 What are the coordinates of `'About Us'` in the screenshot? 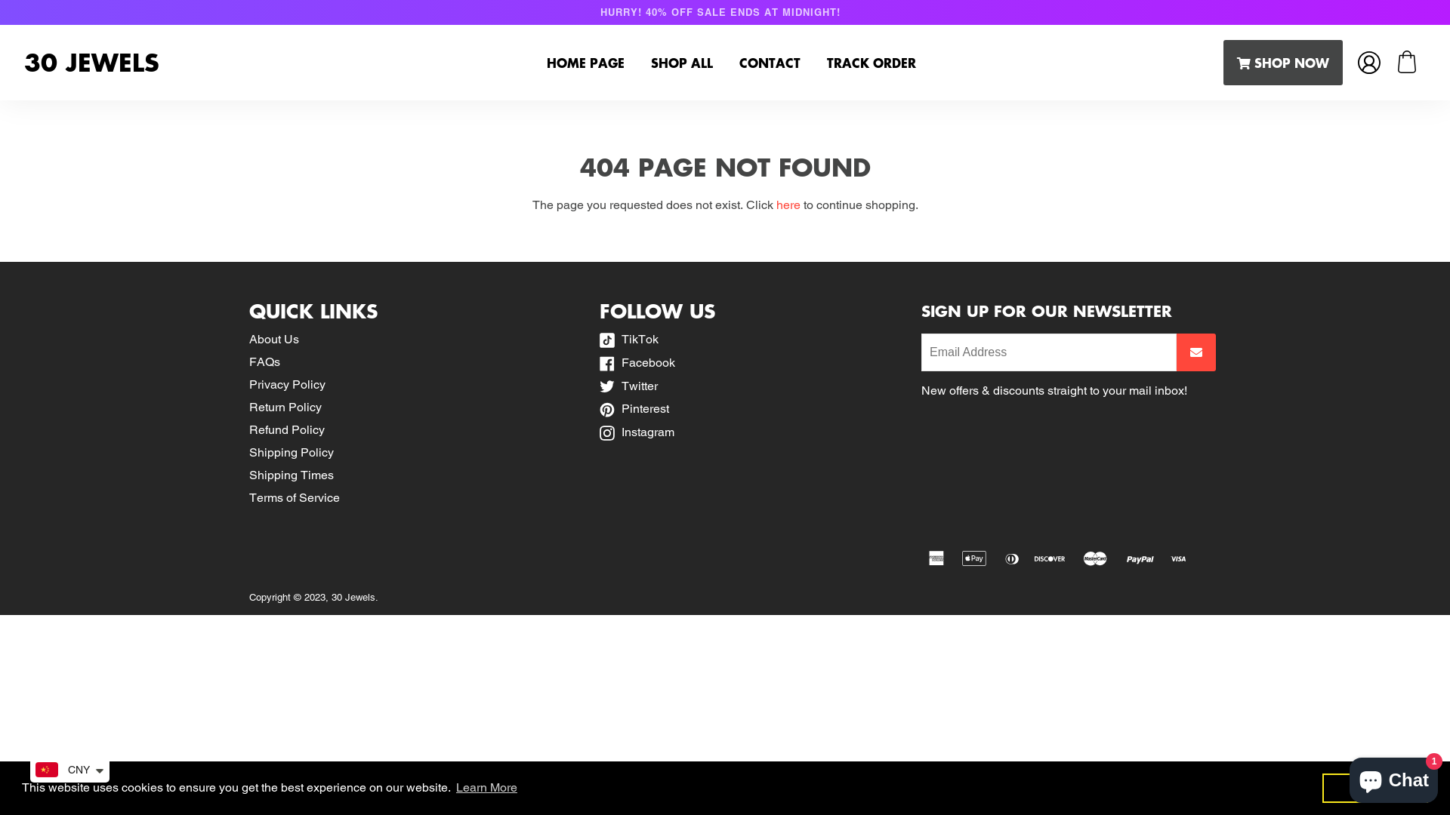 It's located at (249, 338).